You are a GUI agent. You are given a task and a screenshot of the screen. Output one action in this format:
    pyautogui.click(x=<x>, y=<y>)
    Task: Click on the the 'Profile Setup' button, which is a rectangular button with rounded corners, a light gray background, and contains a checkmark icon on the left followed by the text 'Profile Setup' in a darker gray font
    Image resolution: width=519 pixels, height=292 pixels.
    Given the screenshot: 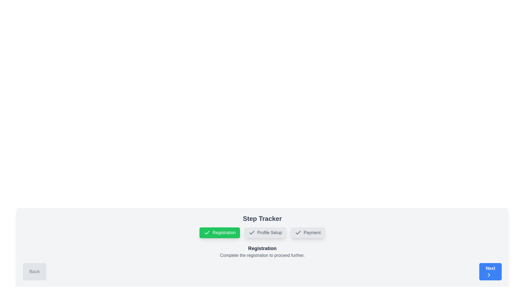 What is the action you would take?
    pyautogui.click(x=265, y=232)
    